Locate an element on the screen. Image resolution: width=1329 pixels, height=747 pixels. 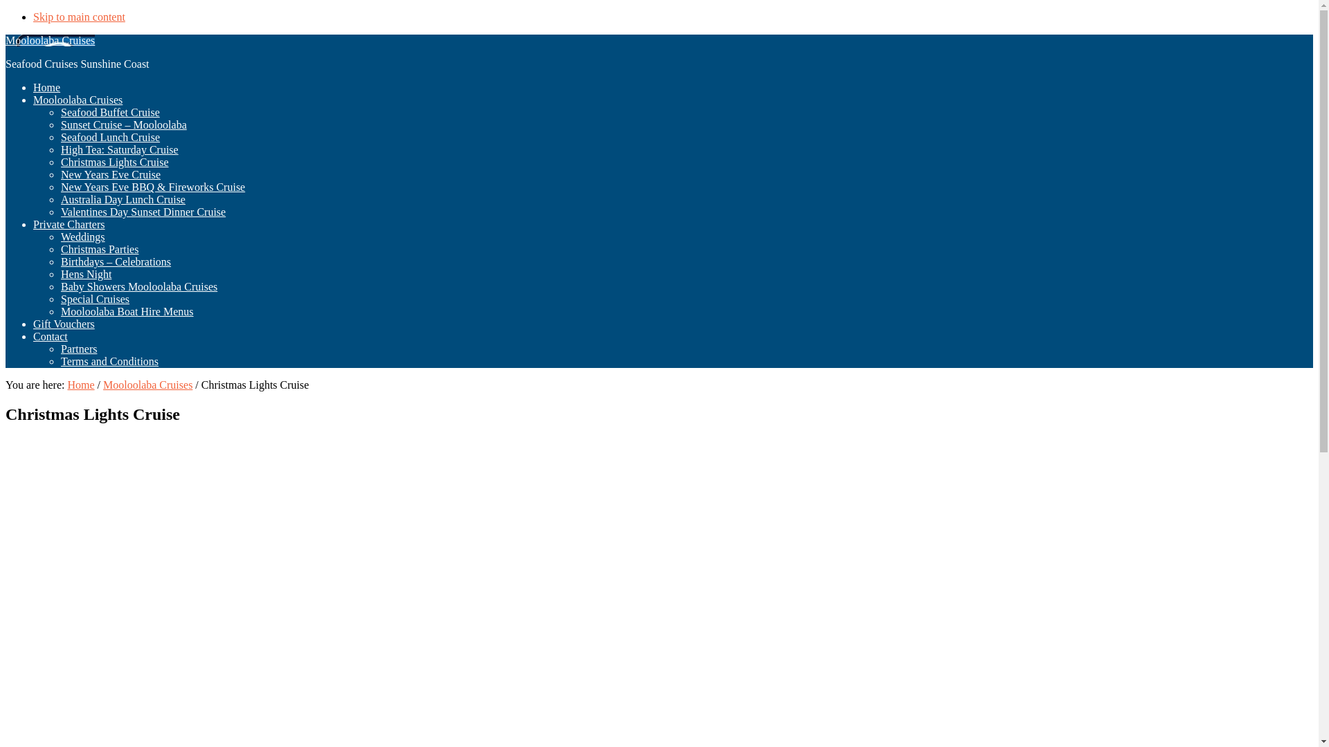
'High Tea: Saturday Cruise' is located at coordinates (119, 149).